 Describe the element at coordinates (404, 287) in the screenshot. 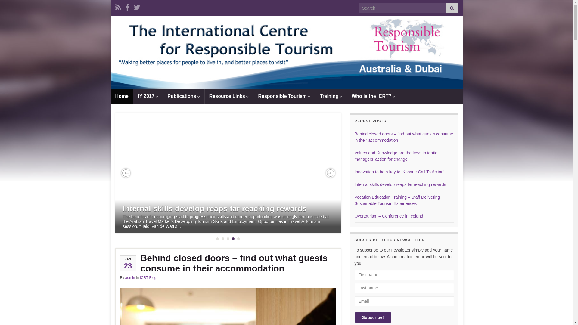

I see `'Last name'` at that location.